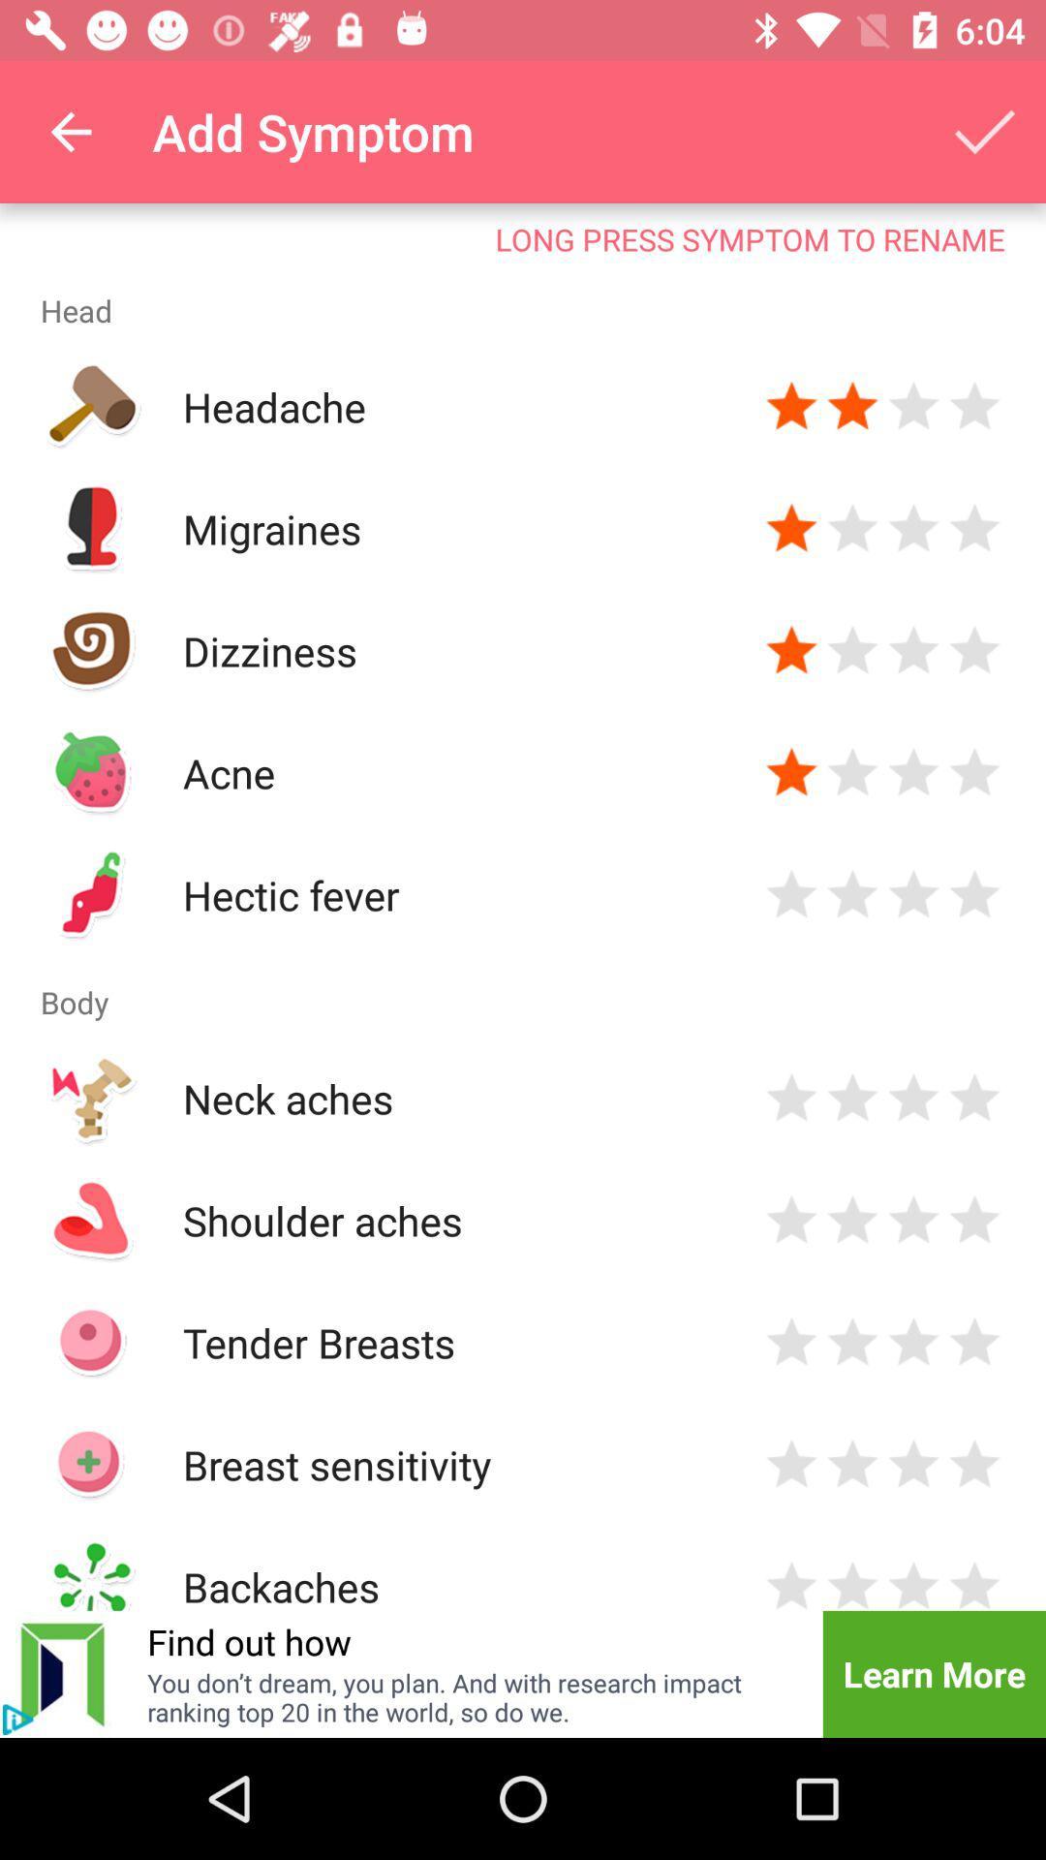 Image resolution: width=1046 pixels, height=1860 pixels. I want to click on rate migraines two stars, so click(851, 529).